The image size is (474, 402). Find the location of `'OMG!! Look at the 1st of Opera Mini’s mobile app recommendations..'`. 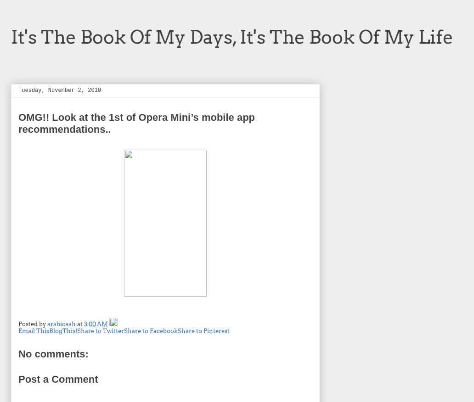

'OMG!! Look at the 1st of Opera Mini’s mobile app recommendations..' is located at coordinates (136, 122).